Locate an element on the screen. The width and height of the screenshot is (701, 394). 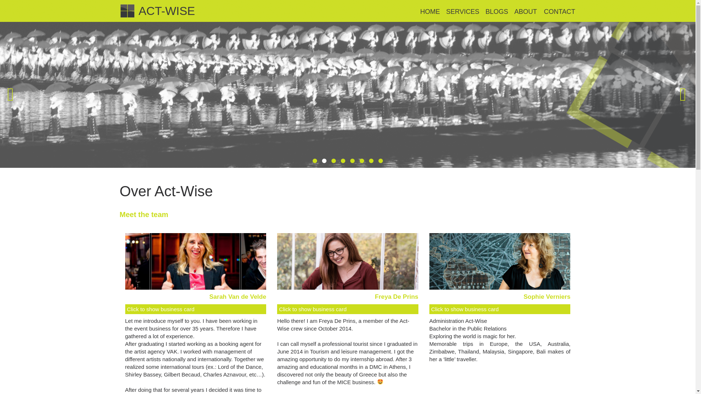
'SERVICES' is located at coordinates (462, 12).